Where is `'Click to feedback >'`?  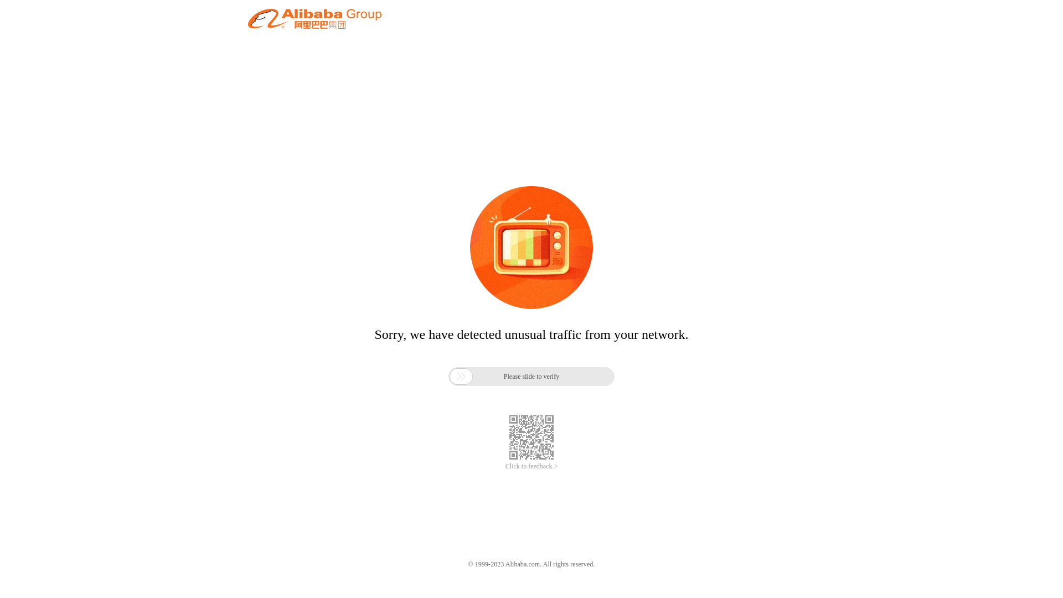 'Click to feedback >' is located at coordinates (531, 466).